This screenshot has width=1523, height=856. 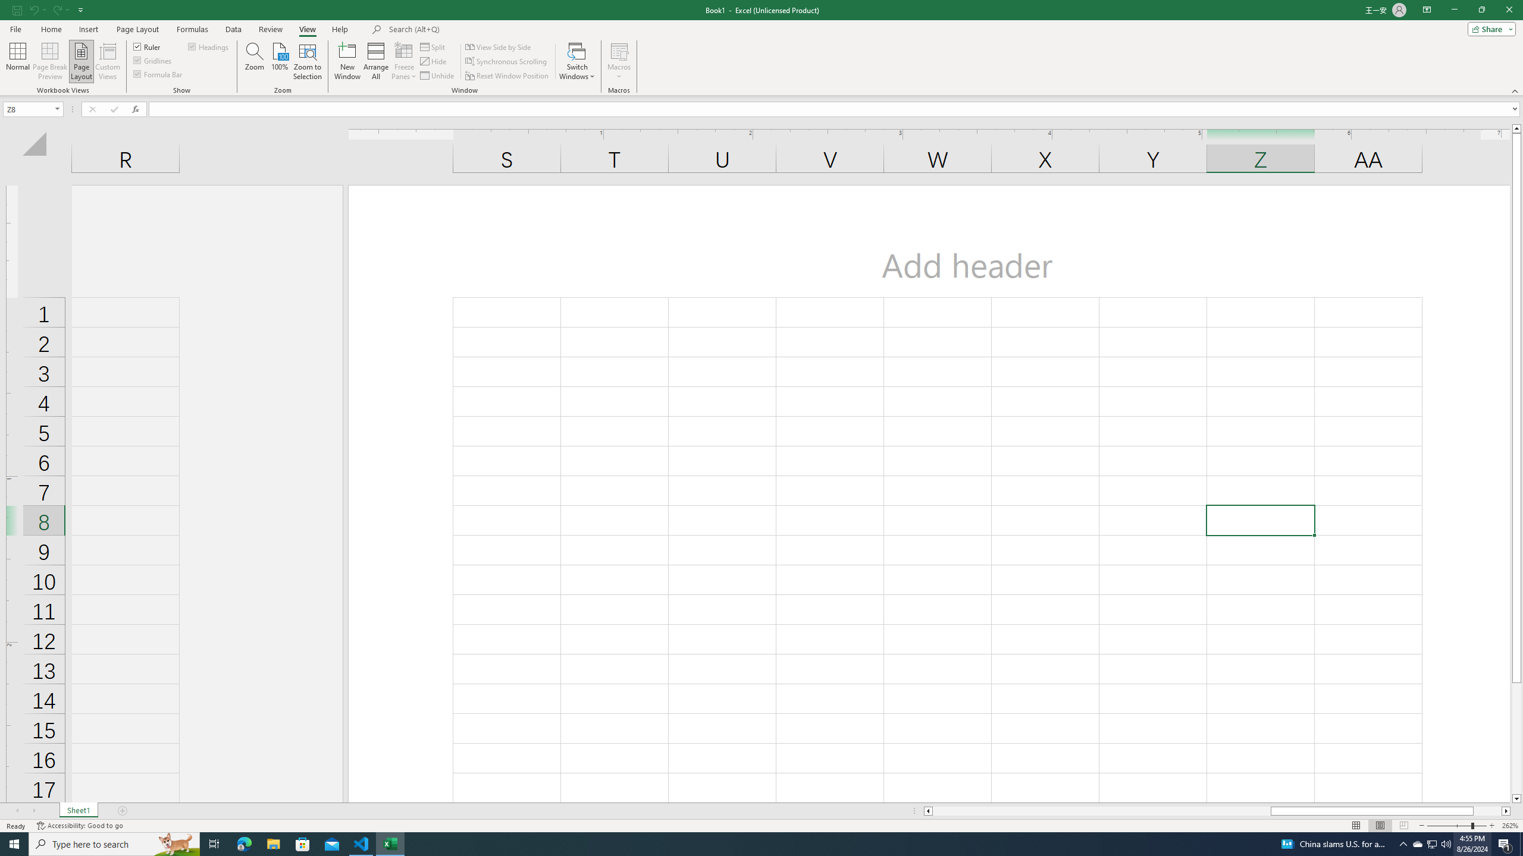 What do you see at coordinates (347, 61) in the screenshot?
I see `'New Window'` at bounding box center [347, 61].